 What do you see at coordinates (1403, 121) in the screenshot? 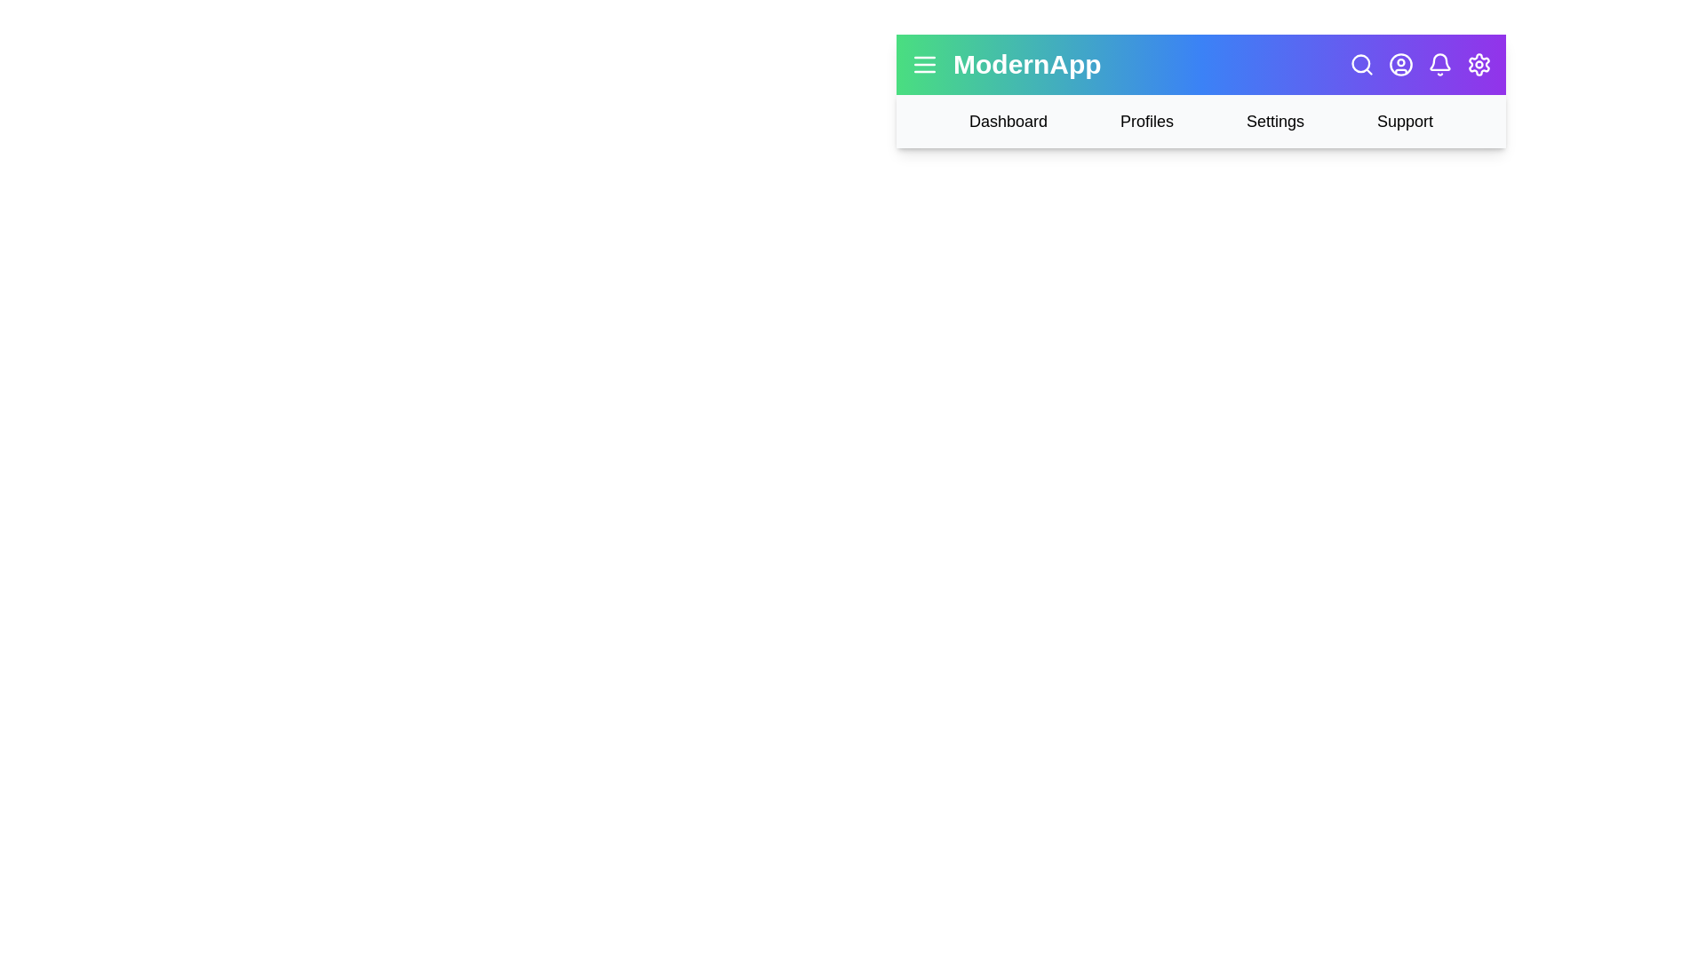
I see `the 'Support' navigation link` at bounding box center [1403, 121].